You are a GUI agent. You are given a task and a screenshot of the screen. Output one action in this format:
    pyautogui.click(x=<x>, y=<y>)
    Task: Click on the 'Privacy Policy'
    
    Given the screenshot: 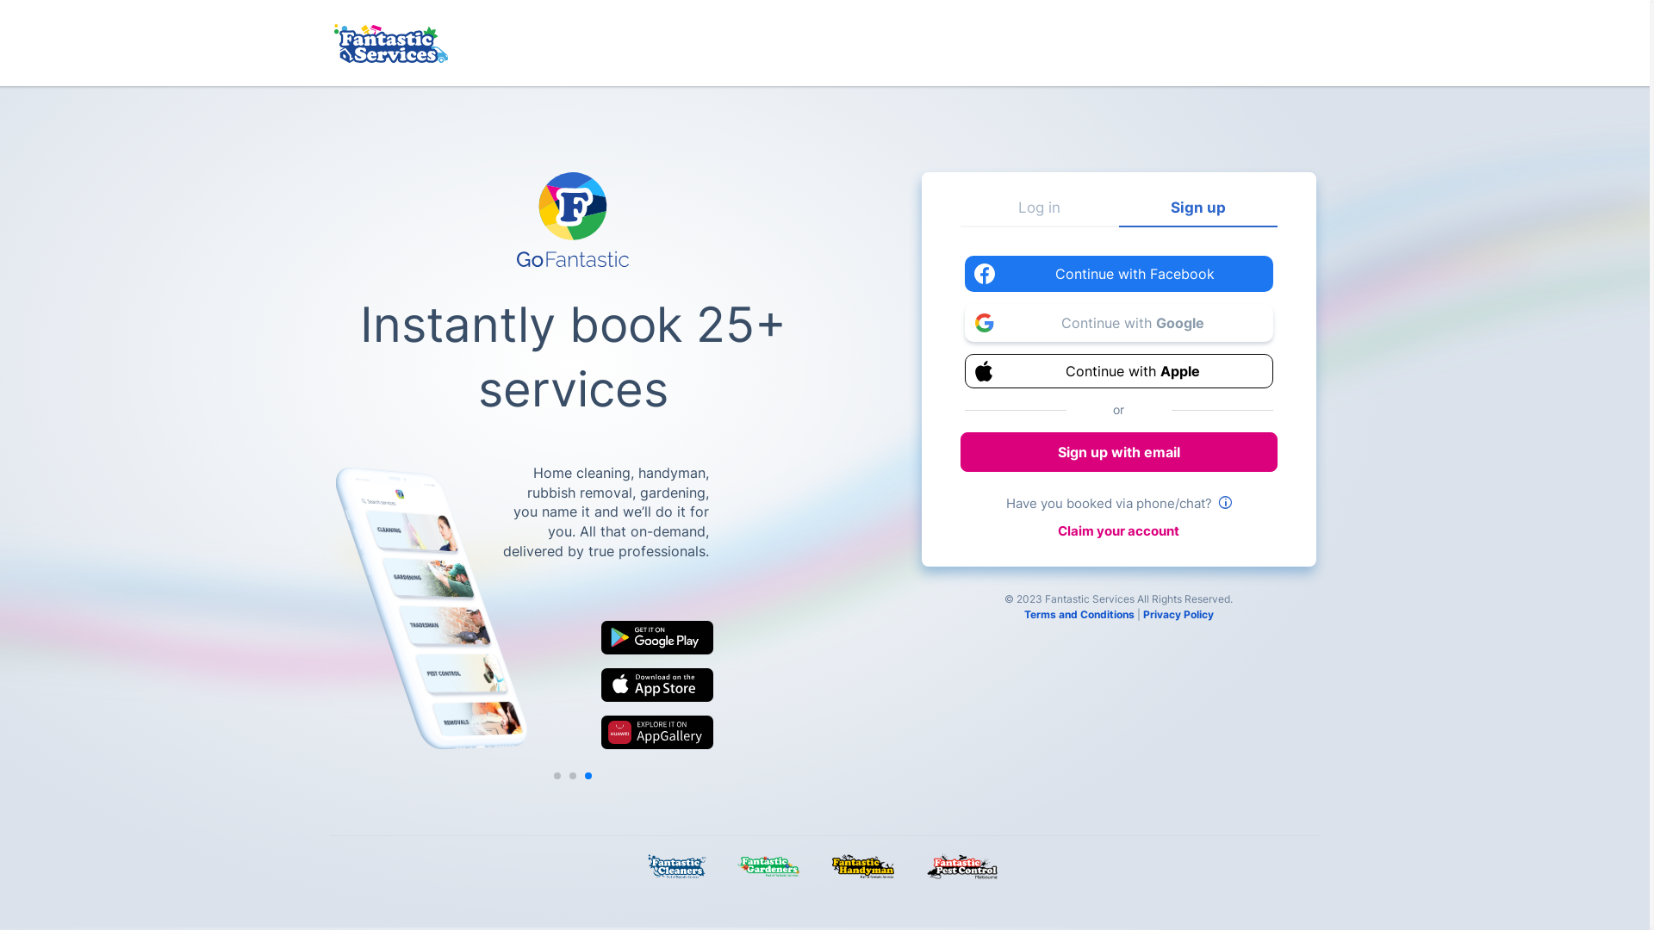 What is the action you would take?
    pyautogui.click(x=1178, y=613)
    